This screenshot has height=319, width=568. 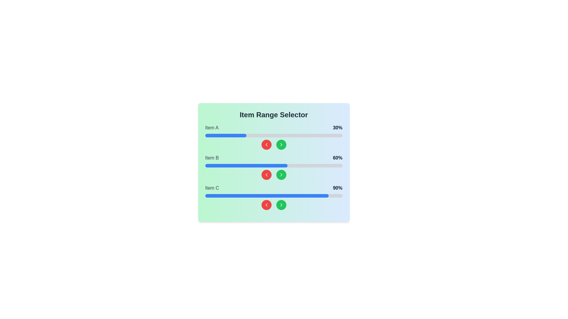 What do you see at coordinates (281, 174) in the screenshot?
I see `the forward increment button, which is positioned within a green circular background and is aligned with the progress bar and 'Item C' label` at bounding box center [281, 174].